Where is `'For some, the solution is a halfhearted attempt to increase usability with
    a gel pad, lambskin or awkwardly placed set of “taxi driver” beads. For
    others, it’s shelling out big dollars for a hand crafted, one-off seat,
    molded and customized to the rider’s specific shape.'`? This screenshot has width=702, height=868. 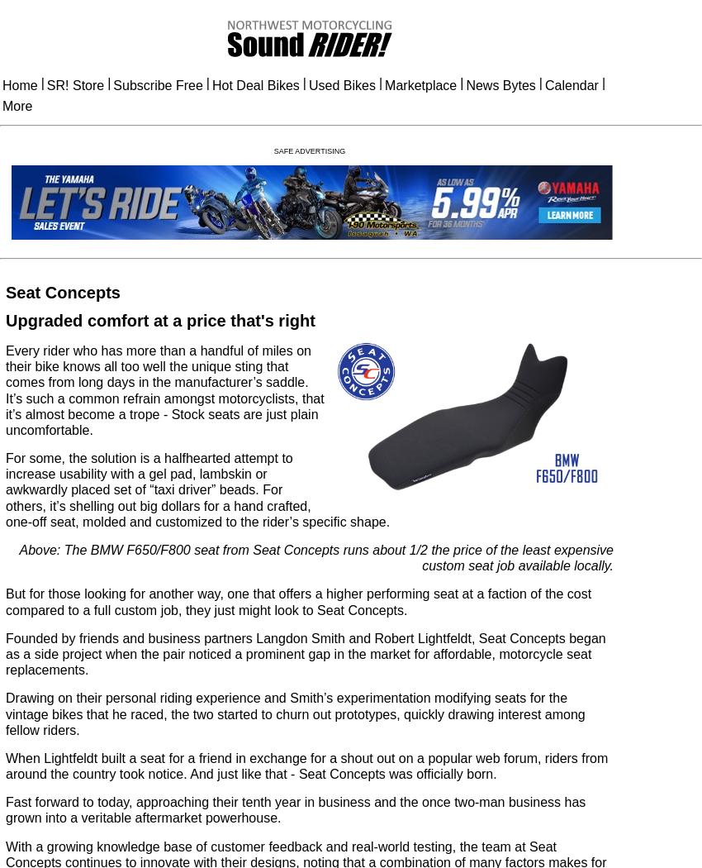
'For some, the solution is a halfhearted attempt to increase usability with
    a gel pad, lambskin or awkwardly placed set of “taxi driver” beads. For
    others, it’s shelling out big dollars for a hand crafted, one-off seat,
    molded and customized to the rider’s specific shape.' is located at coordinates (197, 489).